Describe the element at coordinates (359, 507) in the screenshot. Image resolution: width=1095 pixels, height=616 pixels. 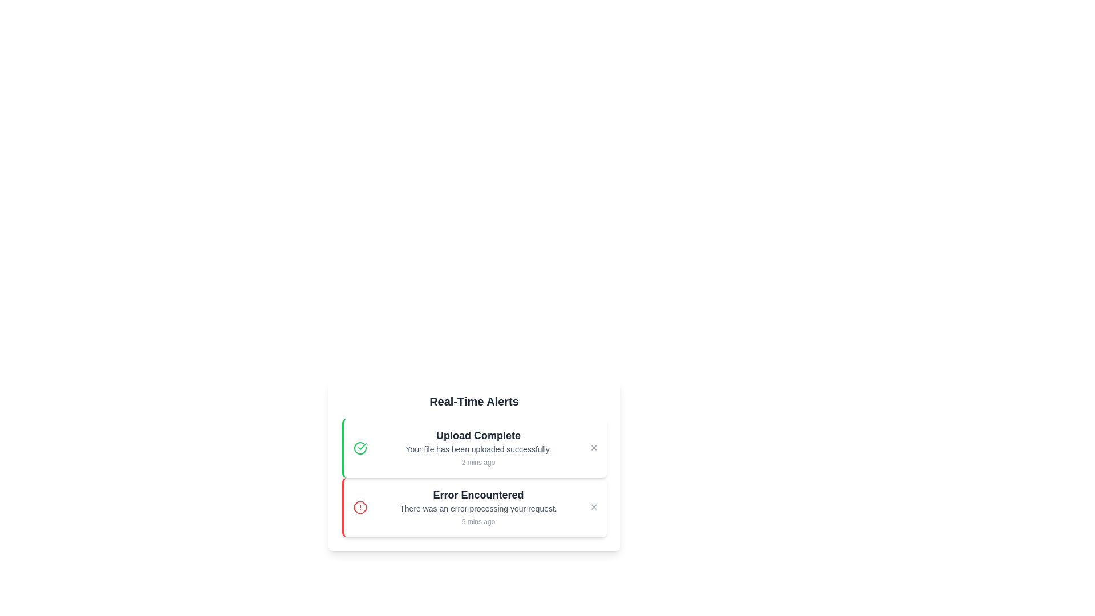
I see `the decorative vector graphic component within the red alert icon that indicates the 'Error Encountered' message, located to the left of the alert notification` at that location.